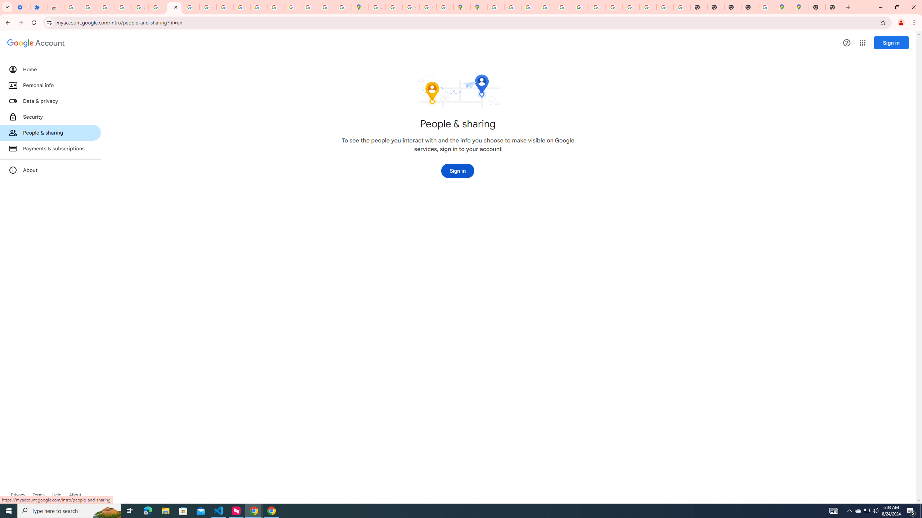 The height and width of the screenshot is (518, 922). What do you see at coordinates (140, 7) in the screenshot?
I see `'Sign in - Google Accounts'` at bounding box center [140, 7].